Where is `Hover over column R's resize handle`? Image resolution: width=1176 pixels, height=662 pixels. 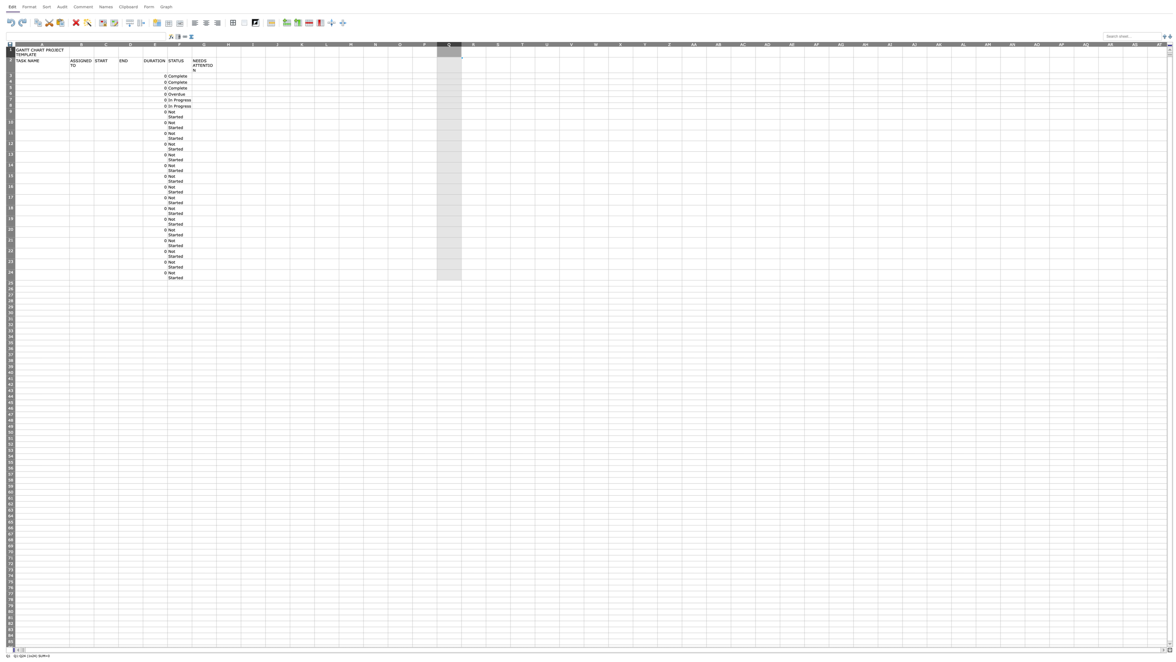
Hover over column R's resize handle is located at coordinates (486, 43).